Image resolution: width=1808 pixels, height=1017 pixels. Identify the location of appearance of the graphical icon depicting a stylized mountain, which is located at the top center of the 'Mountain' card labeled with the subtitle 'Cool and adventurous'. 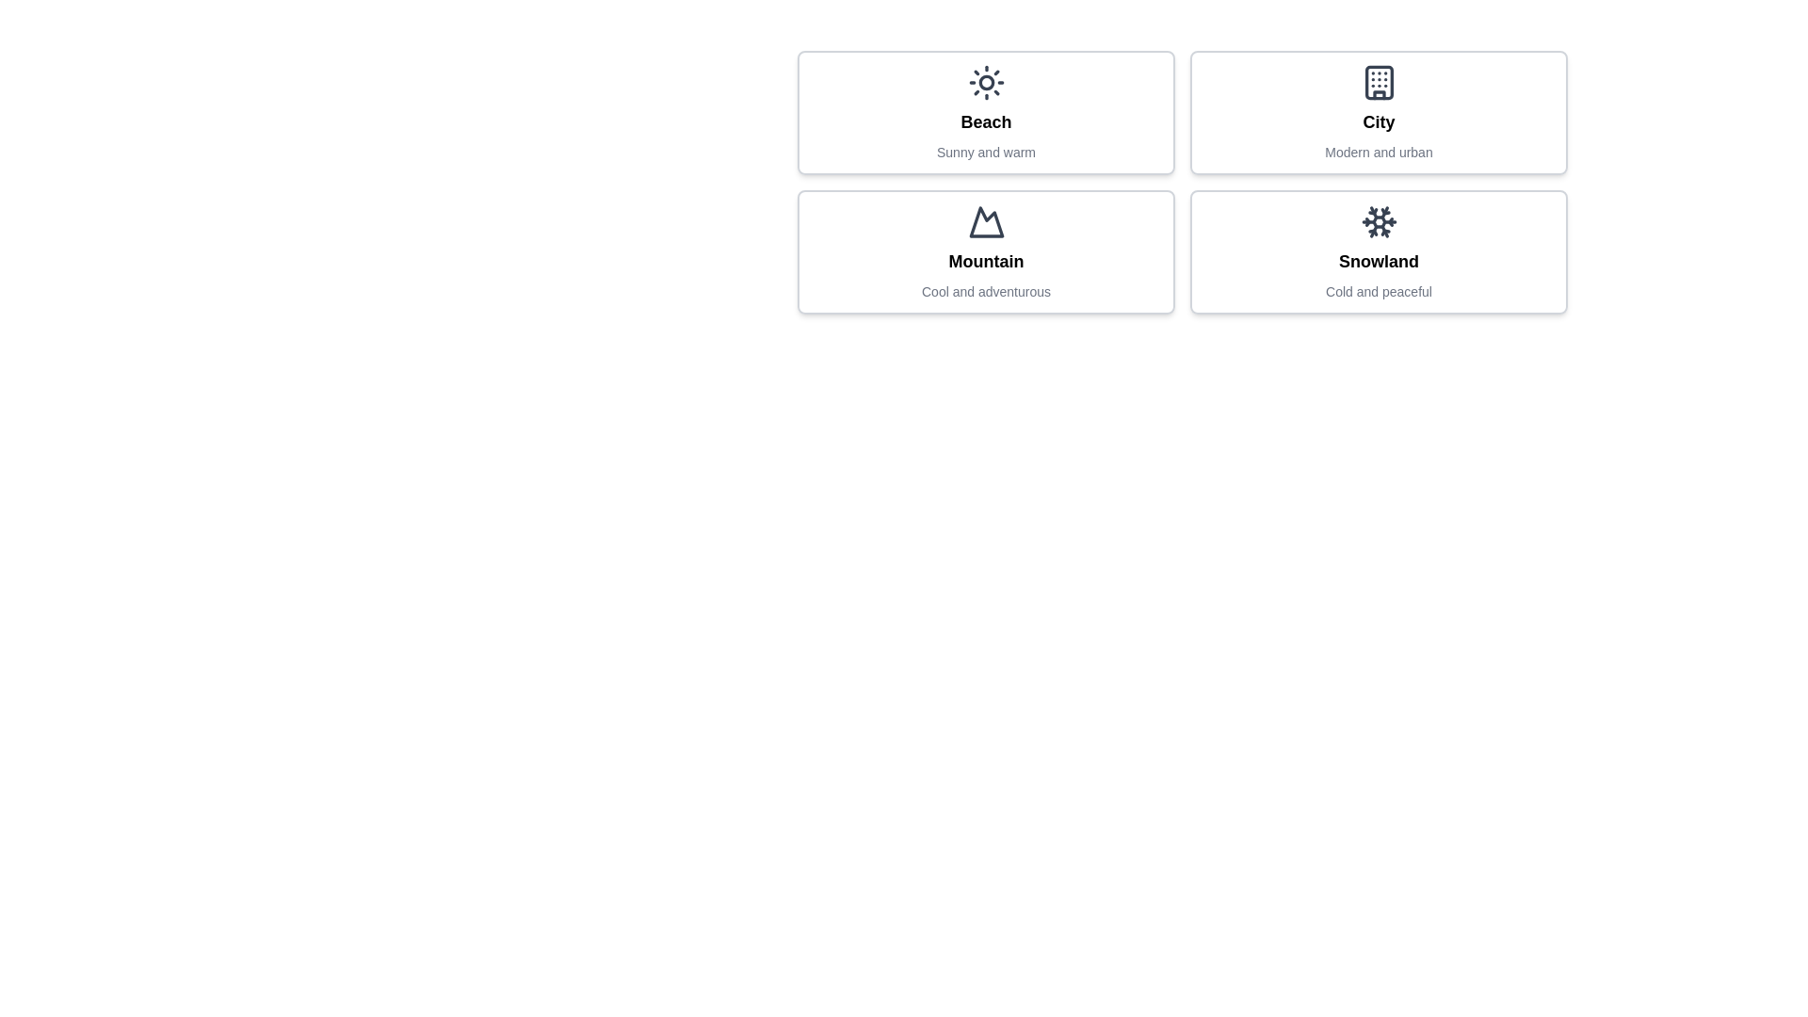
(985, 220).